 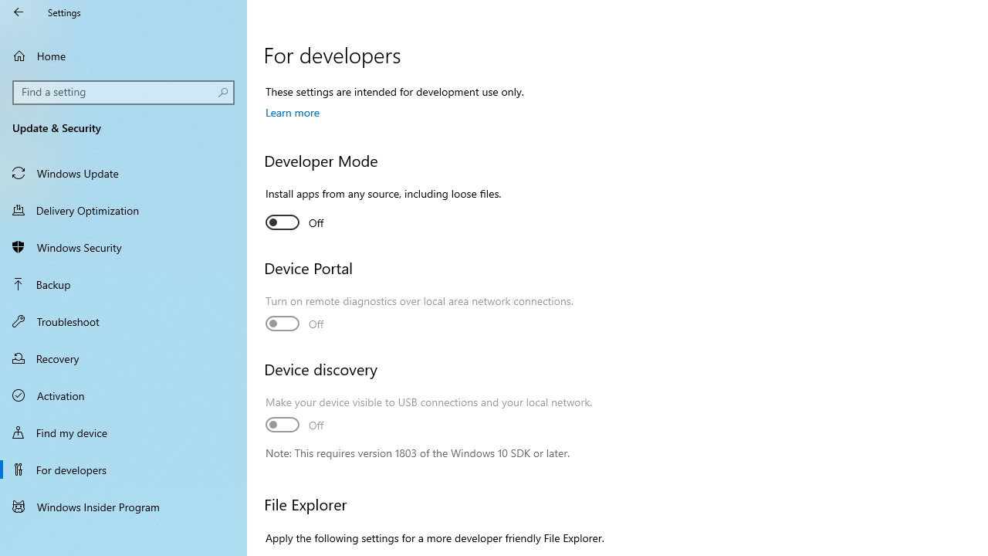 I want to click on 'Backup', so click(x=123, y=283).